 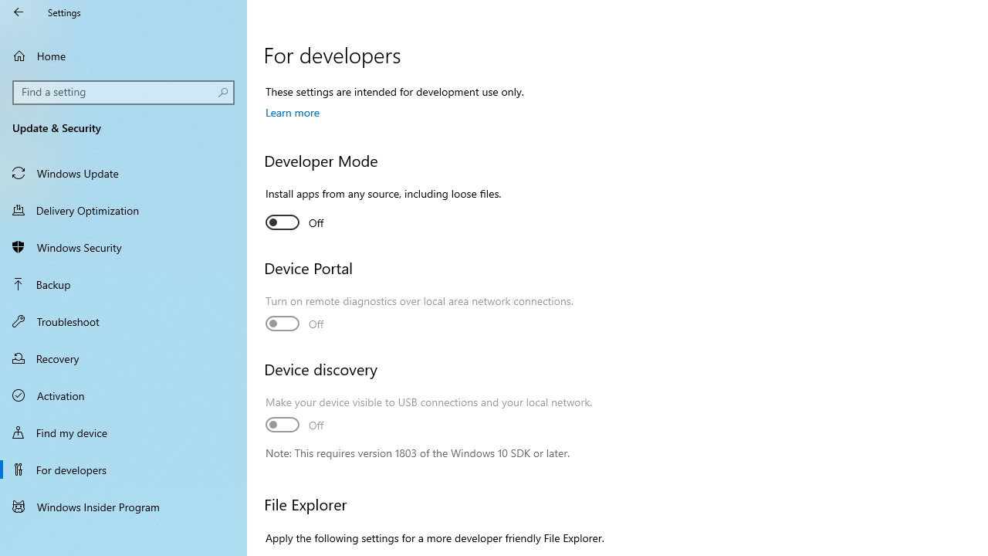 I want to click on 'Backup', so click(x=123, y=283).